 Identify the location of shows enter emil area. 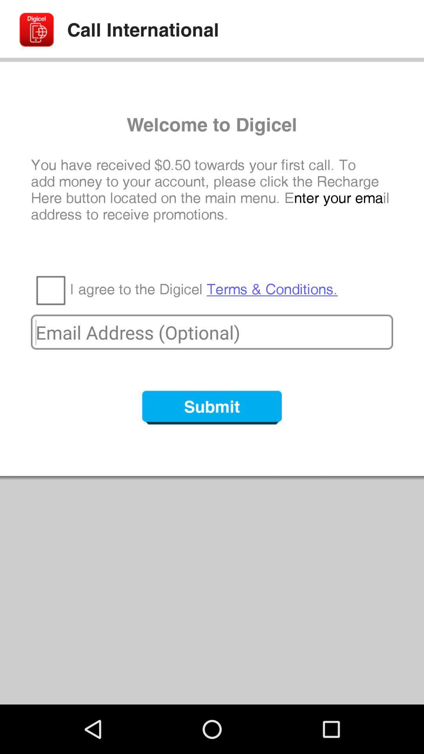
(212, 332).